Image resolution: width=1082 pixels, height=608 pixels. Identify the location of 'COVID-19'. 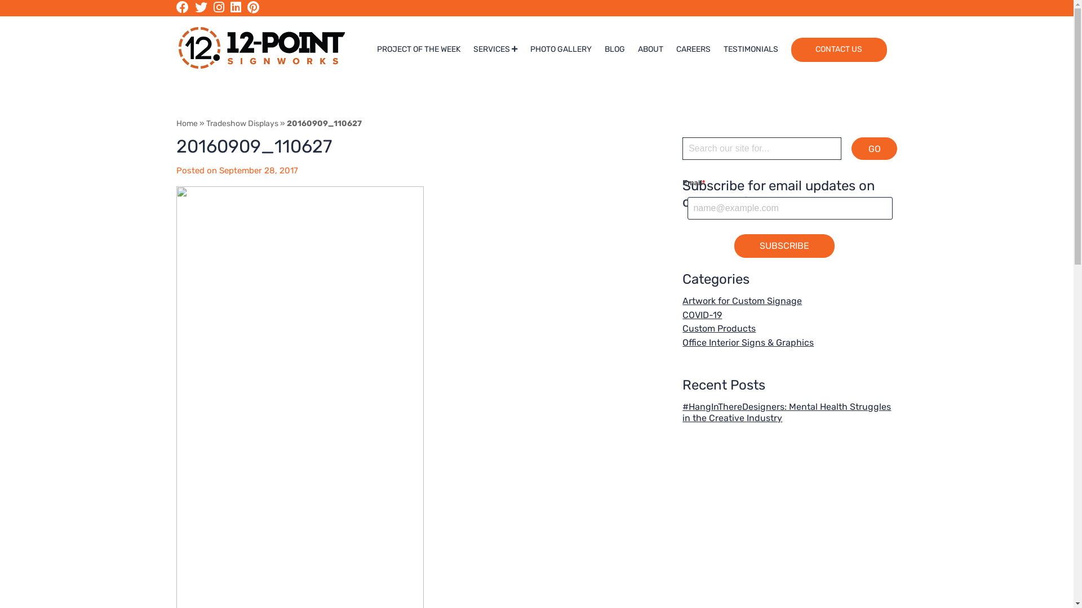
(702, 315).